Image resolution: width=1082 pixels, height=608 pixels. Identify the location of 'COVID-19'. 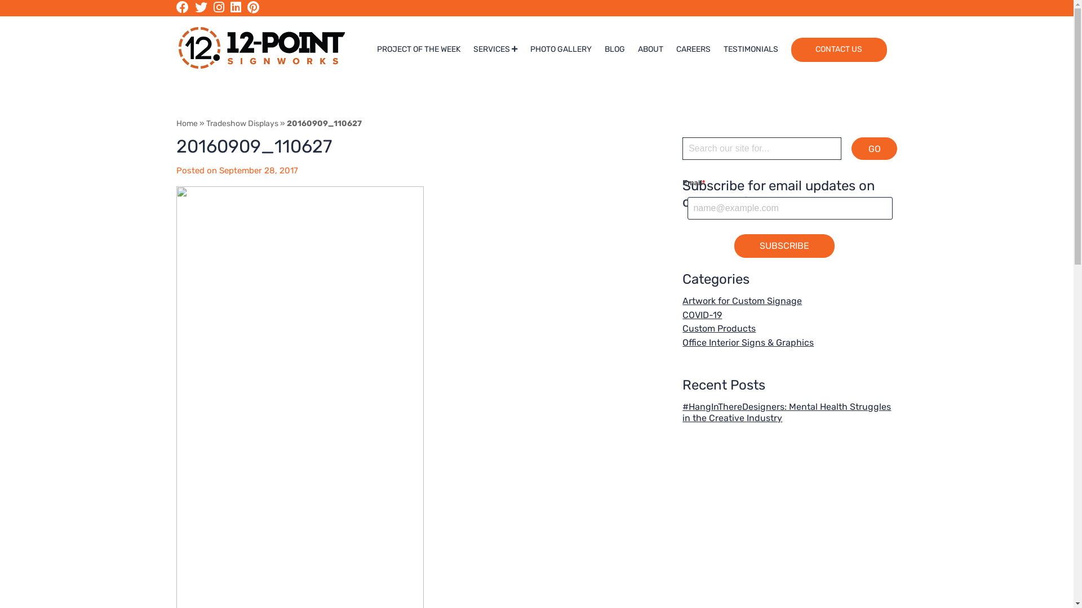
(702, 315).